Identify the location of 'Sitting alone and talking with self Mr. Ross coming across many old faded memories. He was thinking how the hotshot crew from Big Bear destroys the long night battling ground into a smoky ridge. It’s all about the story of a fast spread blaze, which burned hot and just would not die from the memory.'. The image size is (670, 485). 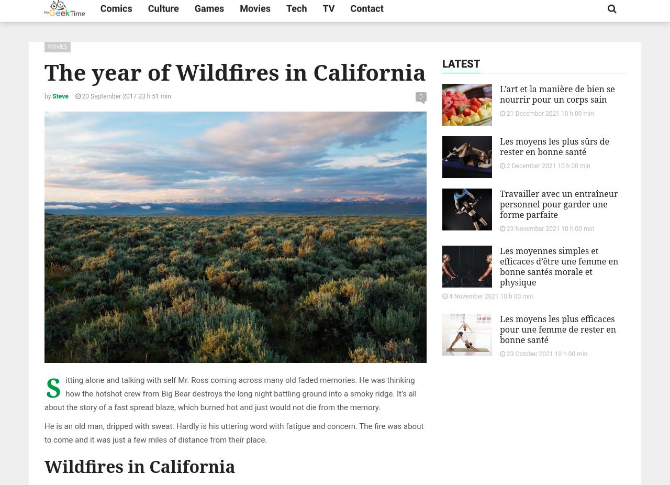
(43, 391).